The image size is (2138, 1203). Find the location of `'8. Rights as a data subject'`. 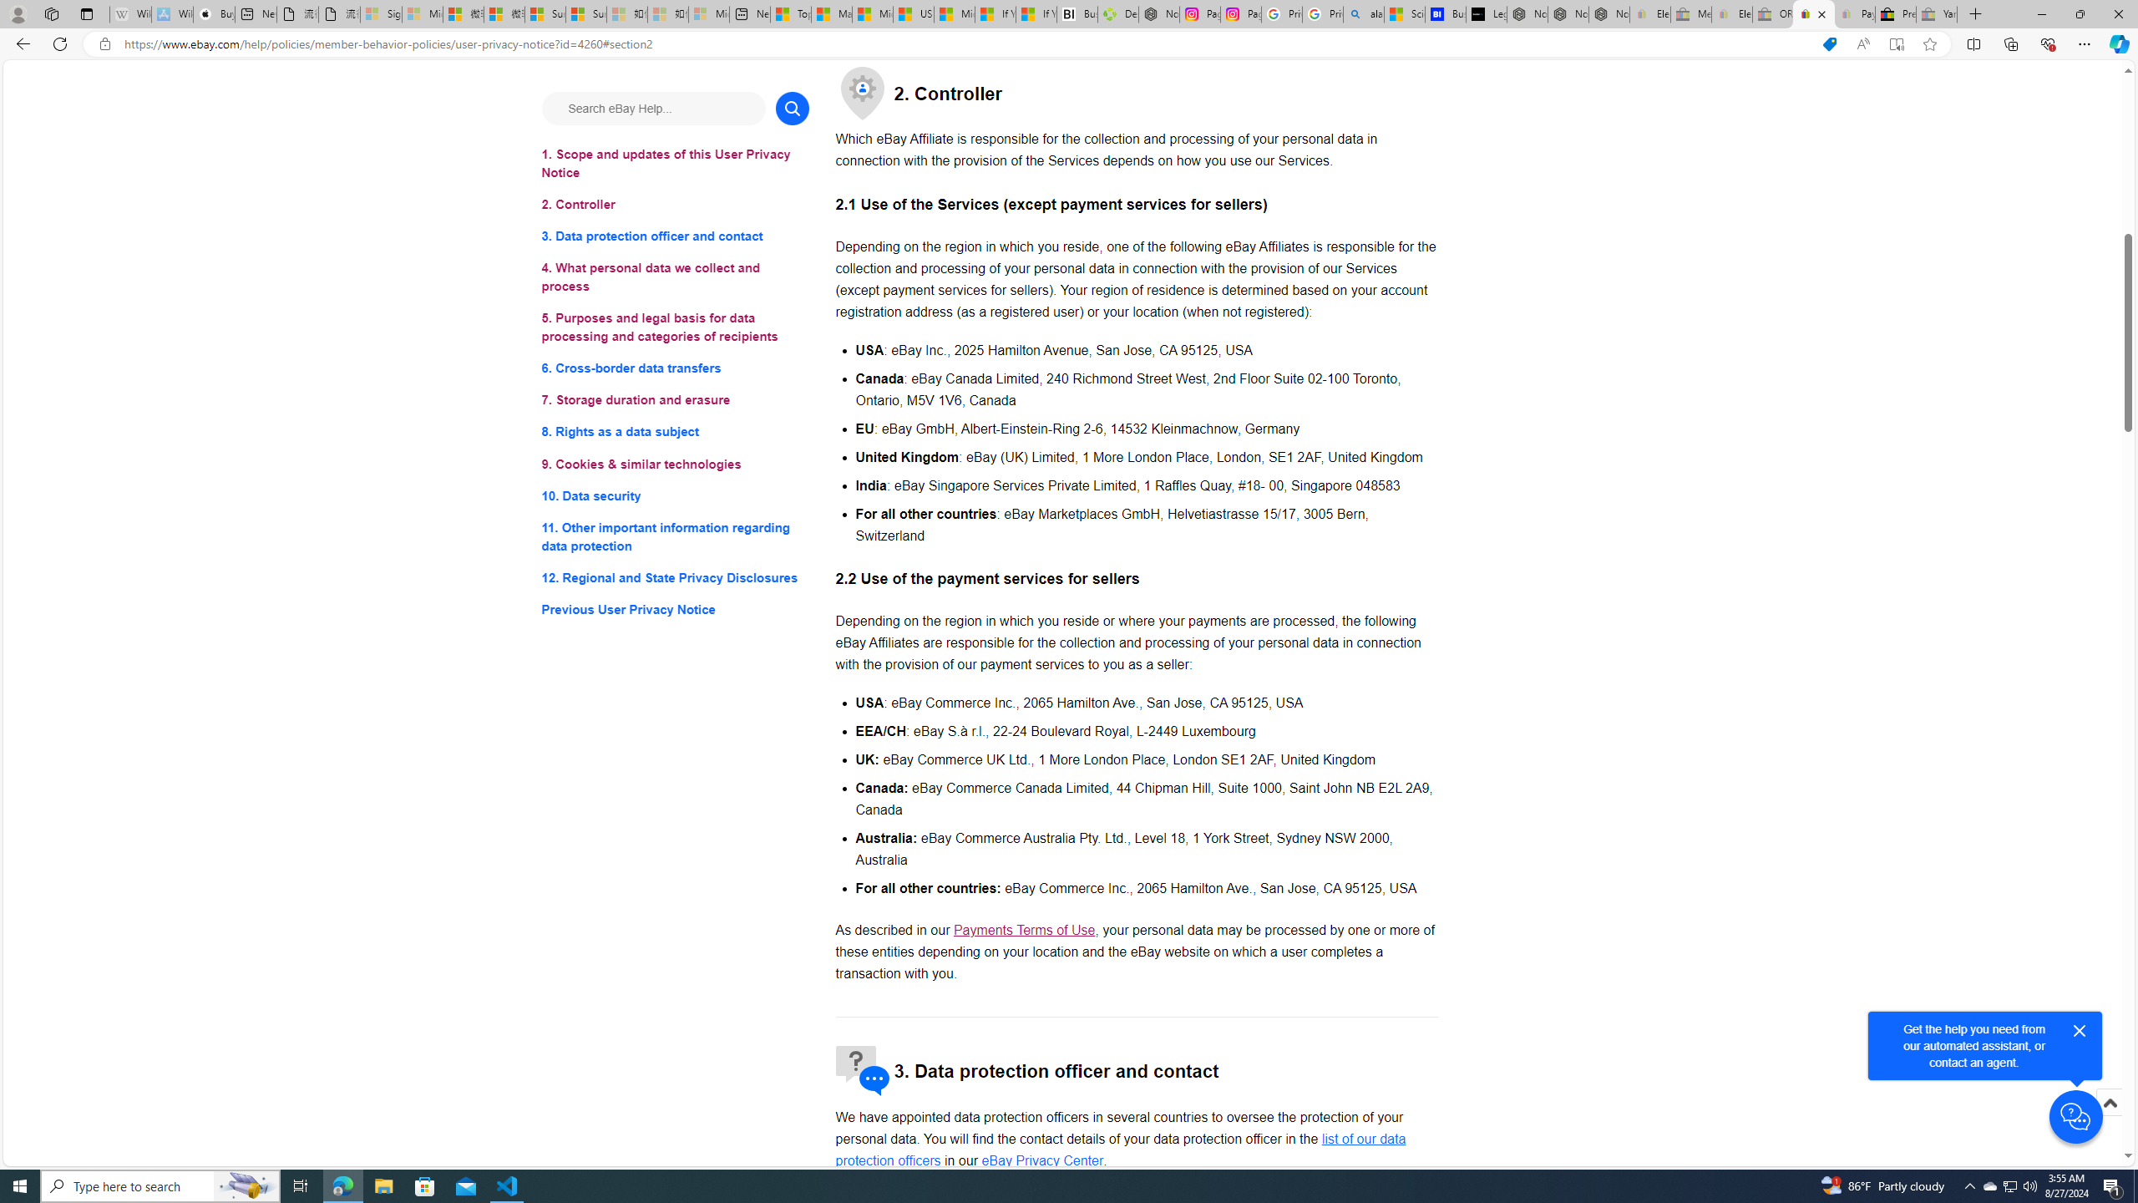

'8. Rights as a data subject' is located at coordinates (674, 431).